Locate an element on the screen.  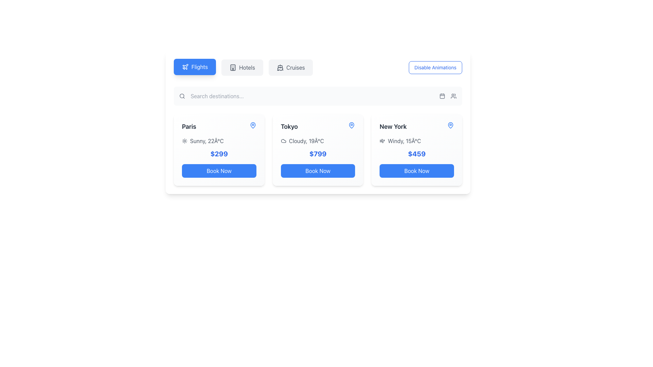
the interactive region of the search icon represented by the SVG circle, which is part of the magnifying glass design near the left side of the search bar is located at coordinates (182, 96).